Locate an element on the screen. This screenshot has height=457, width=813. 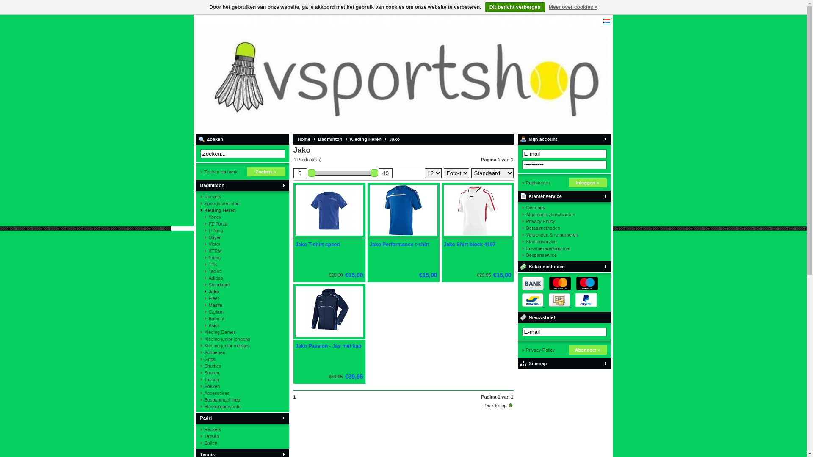
'Algemene voorwaarden' is located at coordinates (564, 214).